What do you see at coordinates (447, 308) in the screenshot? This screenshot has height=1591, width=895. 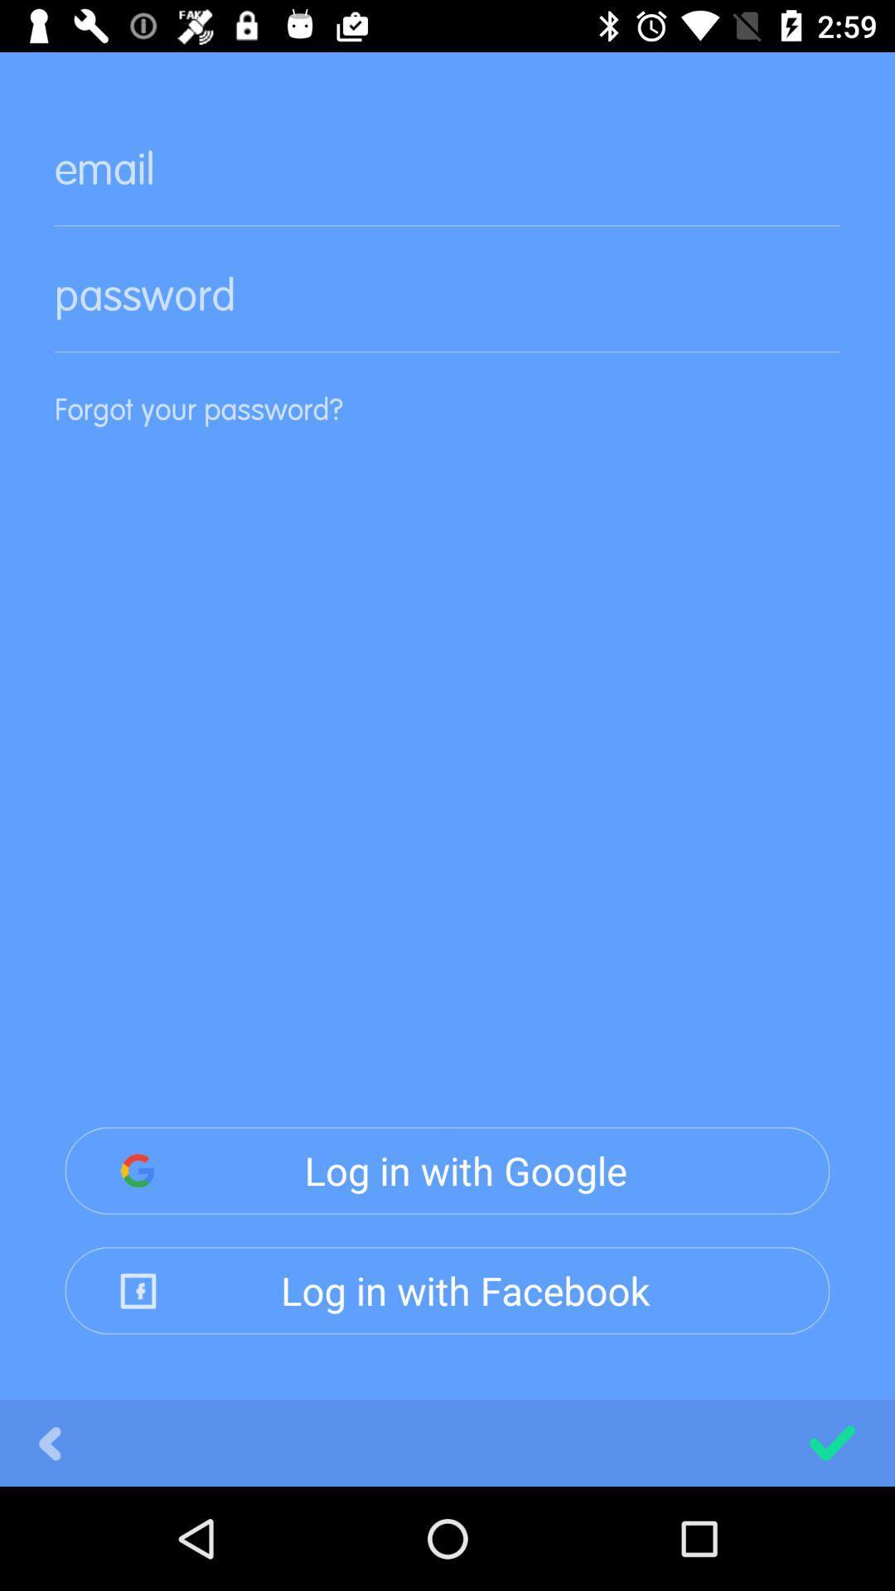 I see `switch password option` at bounding box center [447, 308].